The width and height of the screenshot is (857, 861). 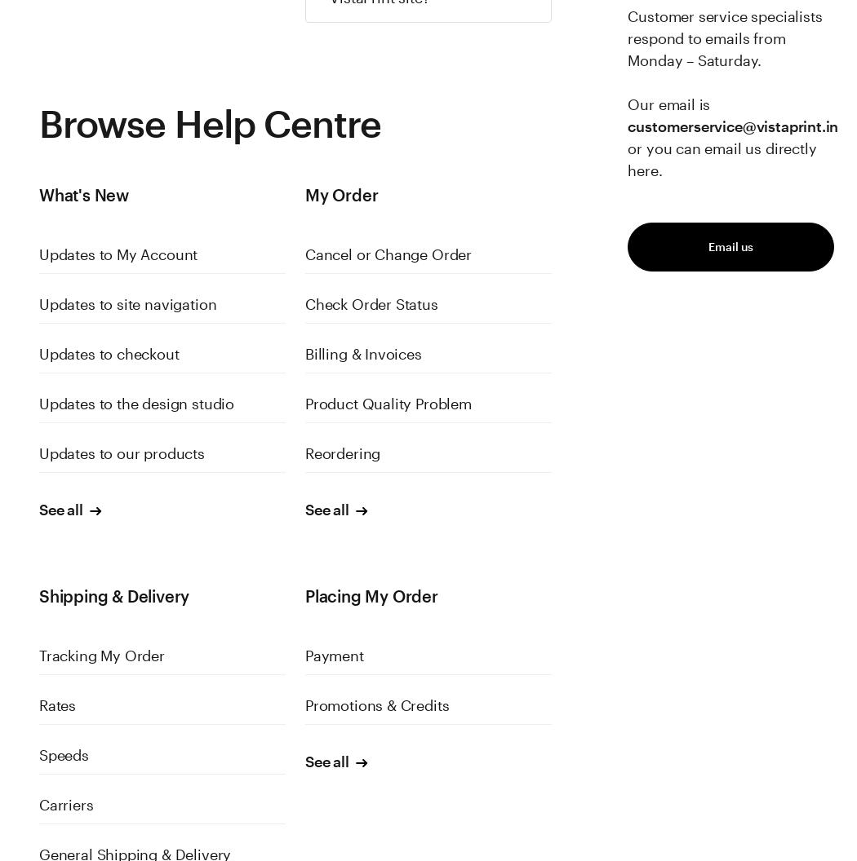 What do you see at coordinates (341, 453) in the screenshot?
I see `'Reordering'` at bounding box center [341, 453].